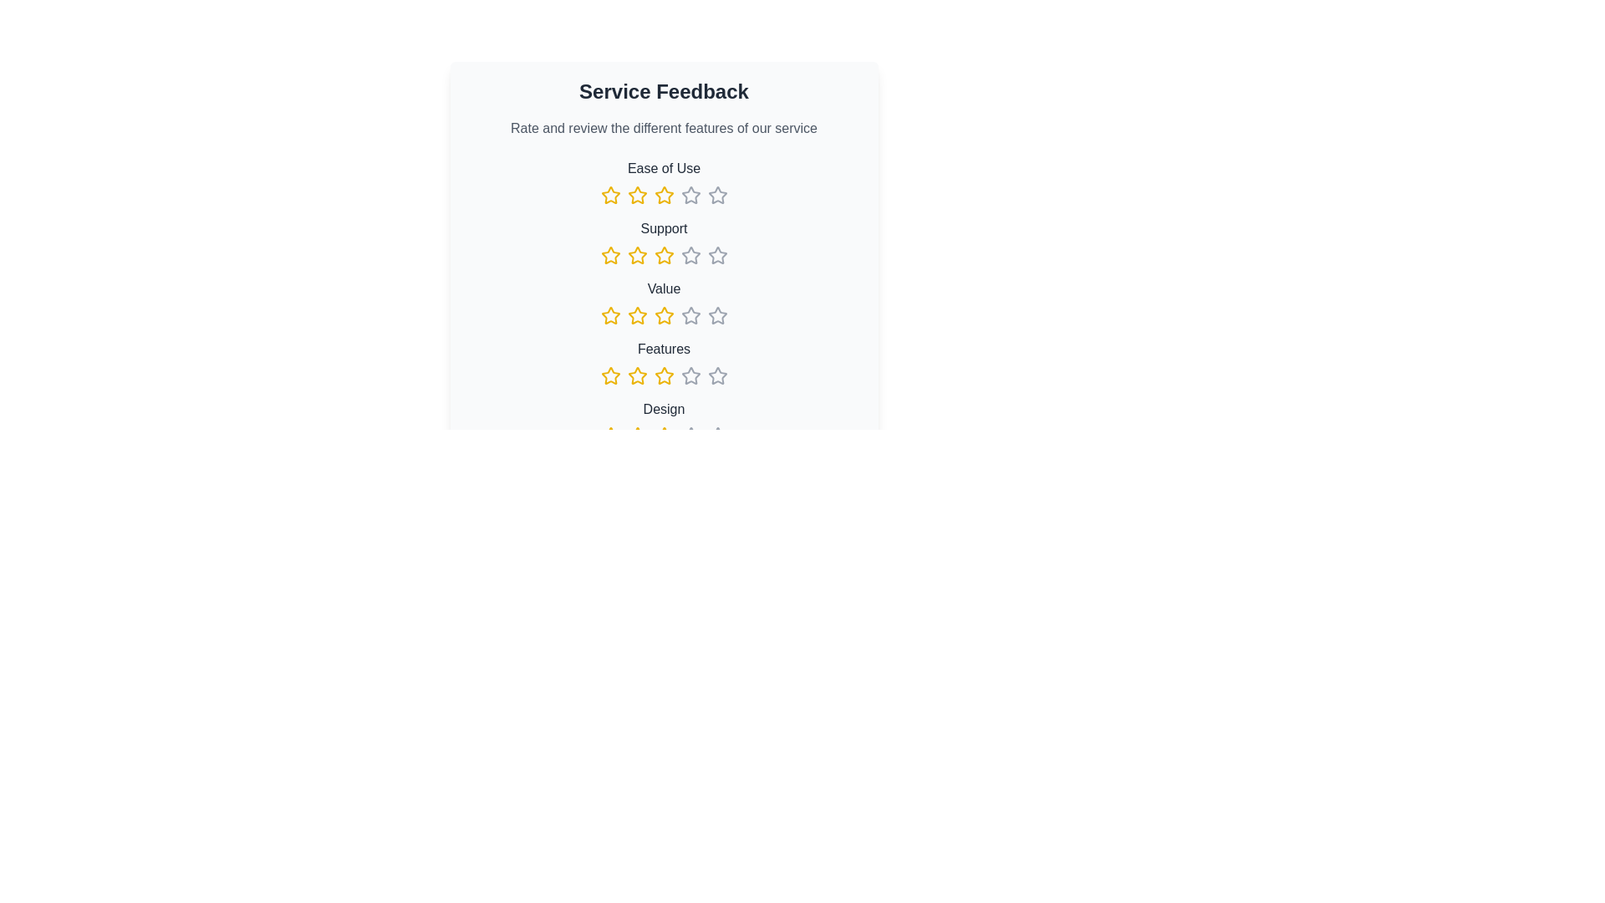 This screenshot has width=1605, height=903. I want to click on the fourth star-shaped rating icon outlined in light gray, part of the 'Ease of Use' rating system under the feedback form layout, so click(690, 193).